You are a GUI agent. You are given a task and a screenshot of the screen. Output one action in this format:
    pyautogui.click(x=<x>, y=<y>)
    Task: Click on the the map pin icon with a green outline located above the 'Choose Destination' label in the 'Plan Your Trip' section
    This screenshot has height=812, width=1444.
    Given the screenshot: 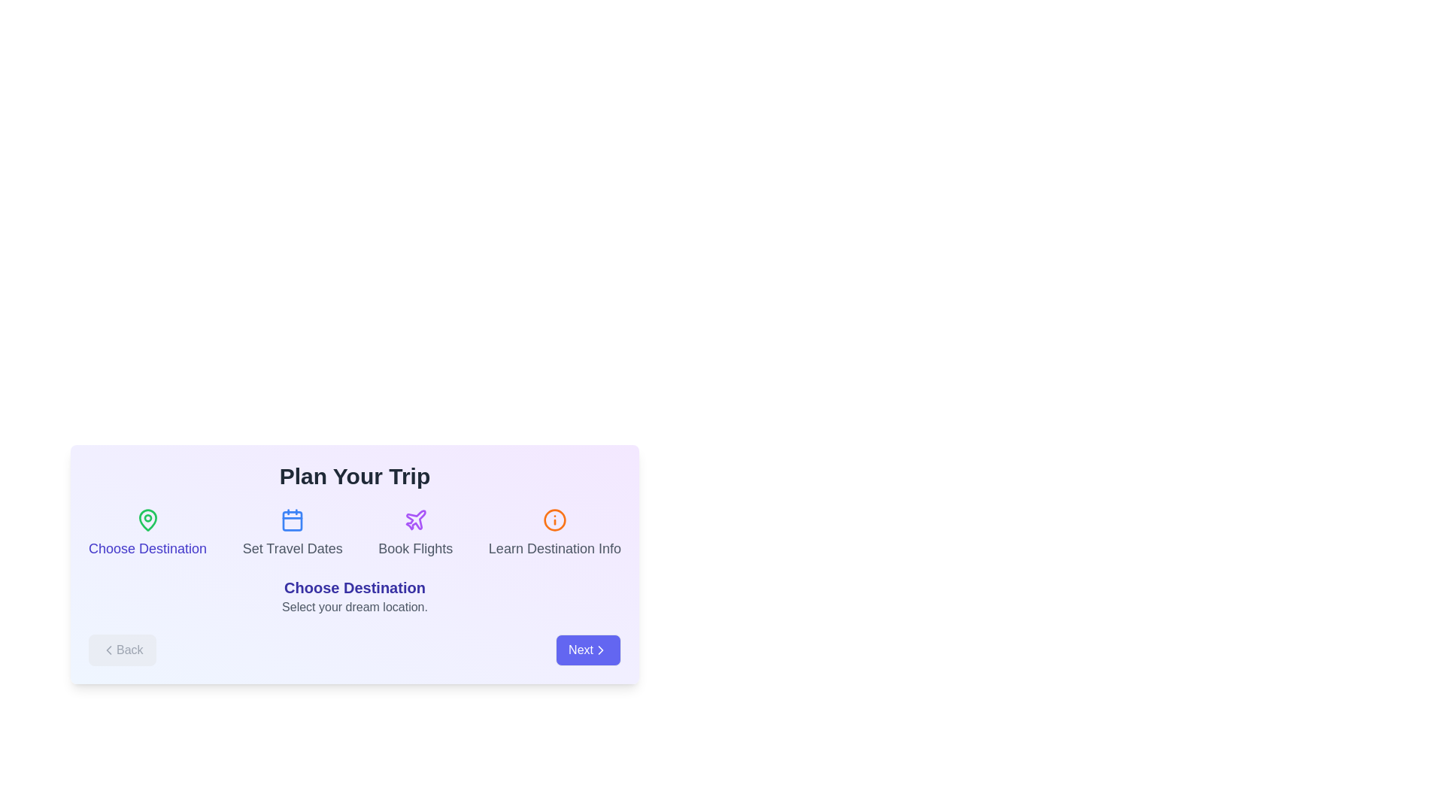 What is the action you would take?
    pyautogui.click(x=147, y=519)
    